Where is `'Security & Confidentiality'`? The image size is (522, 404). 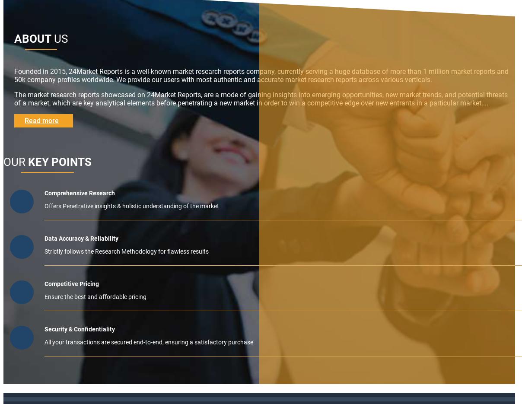
'Security & Confidentiality' is located at coordinates (80, 329).